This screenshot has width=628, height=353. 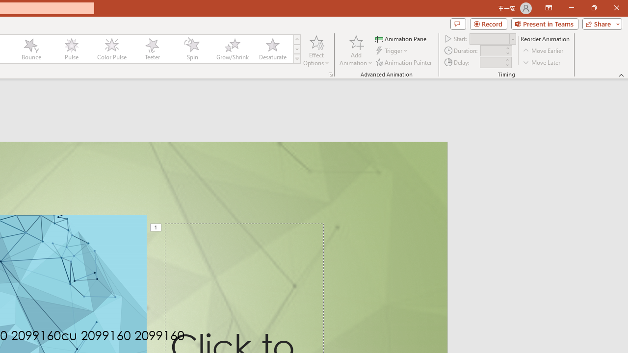 I want to click on 'More Options...', so click(x=330, y=74).